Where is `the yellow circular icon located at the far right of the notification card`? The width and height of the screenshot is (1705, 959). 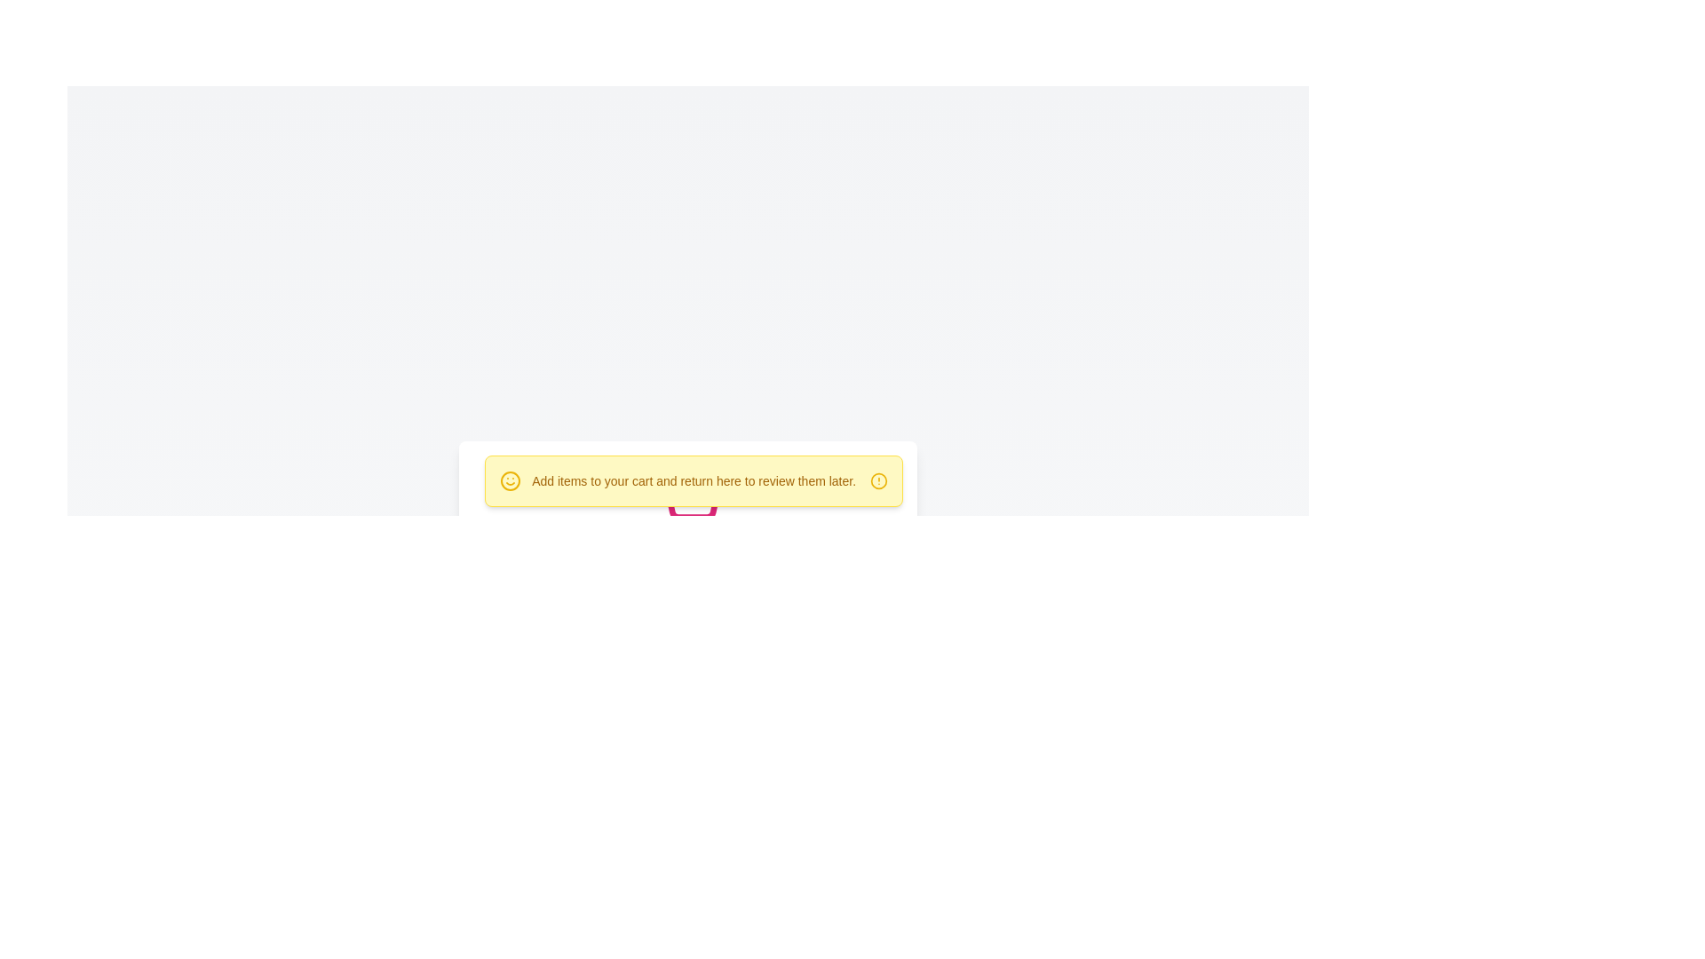 the yellow circular icon located at the far right of the notification card is located at coordinates (879, 481).